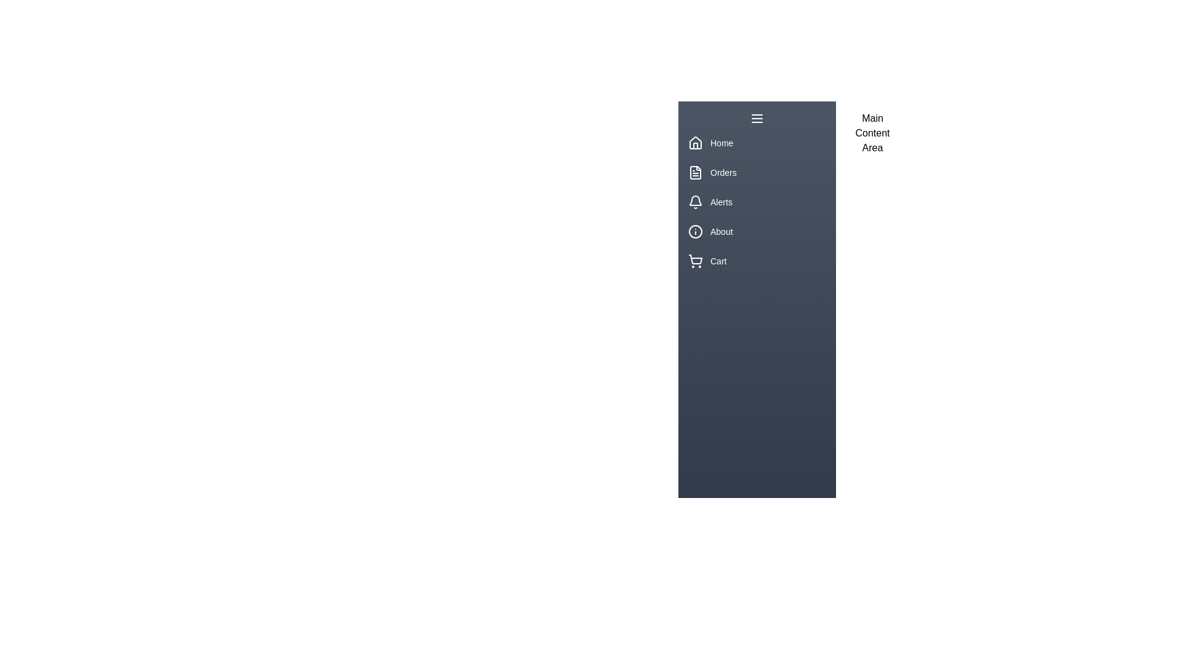 The height and width of the screenshot is (664, 1182). What do you see at coordinates (756, 173) in the screenshot?
I see `the menu item Orders` at bounding box center [756, 173].